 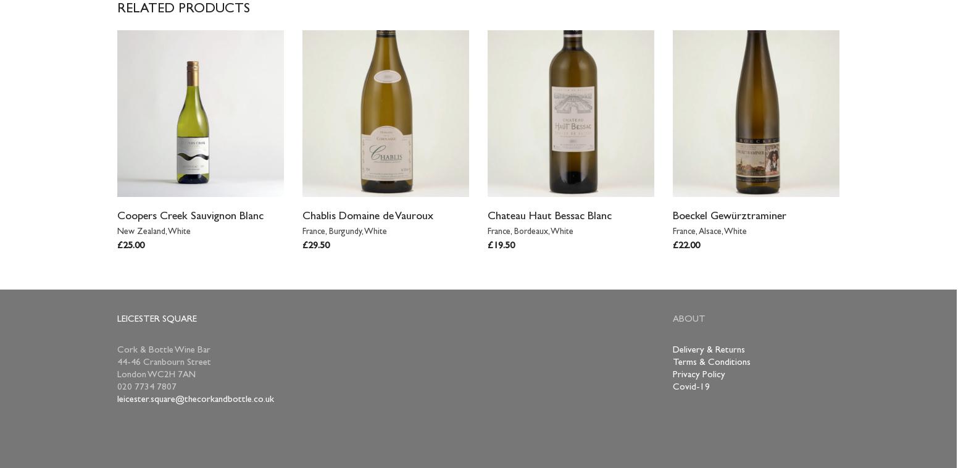 What do you see at coordinates (691, 388) in the screenshot?
I see `'Covid-19'` at bounding box center [691, 388].